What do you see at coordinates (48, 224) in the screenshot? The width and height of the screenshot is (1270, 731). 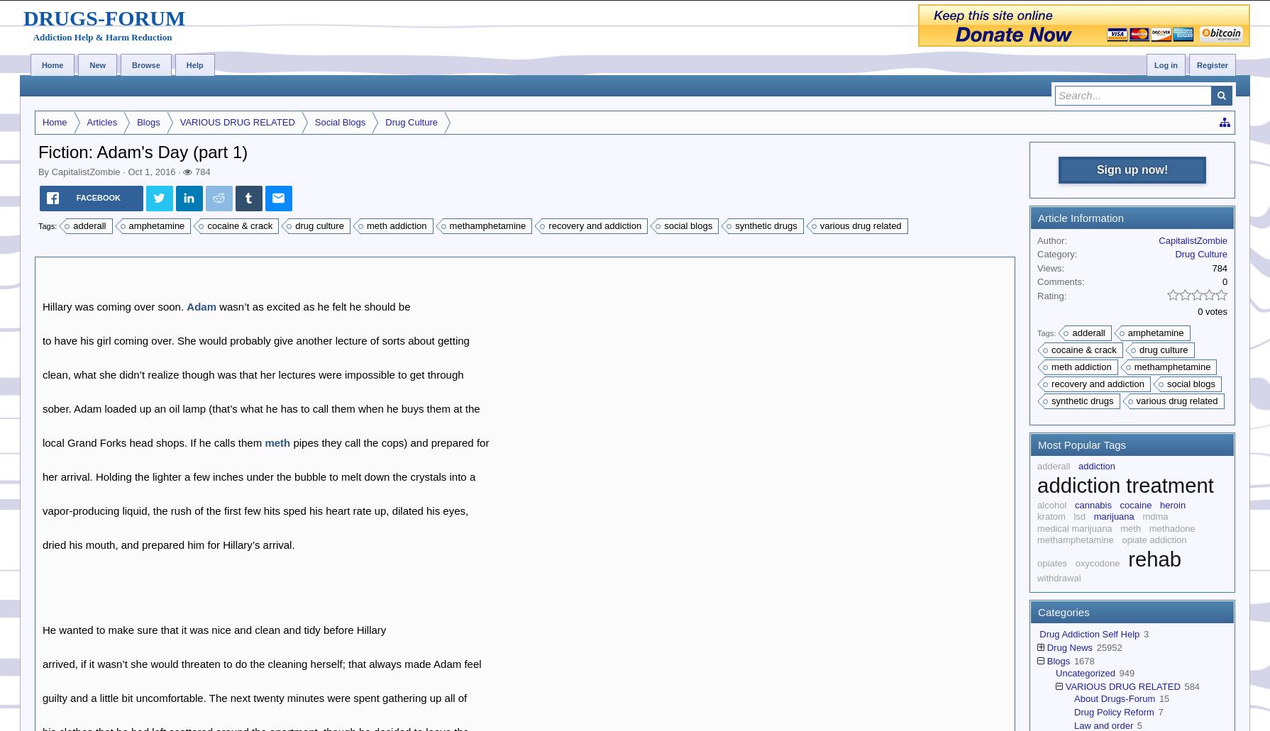 I see `'Tags:'` at bounding box center [48, 224].